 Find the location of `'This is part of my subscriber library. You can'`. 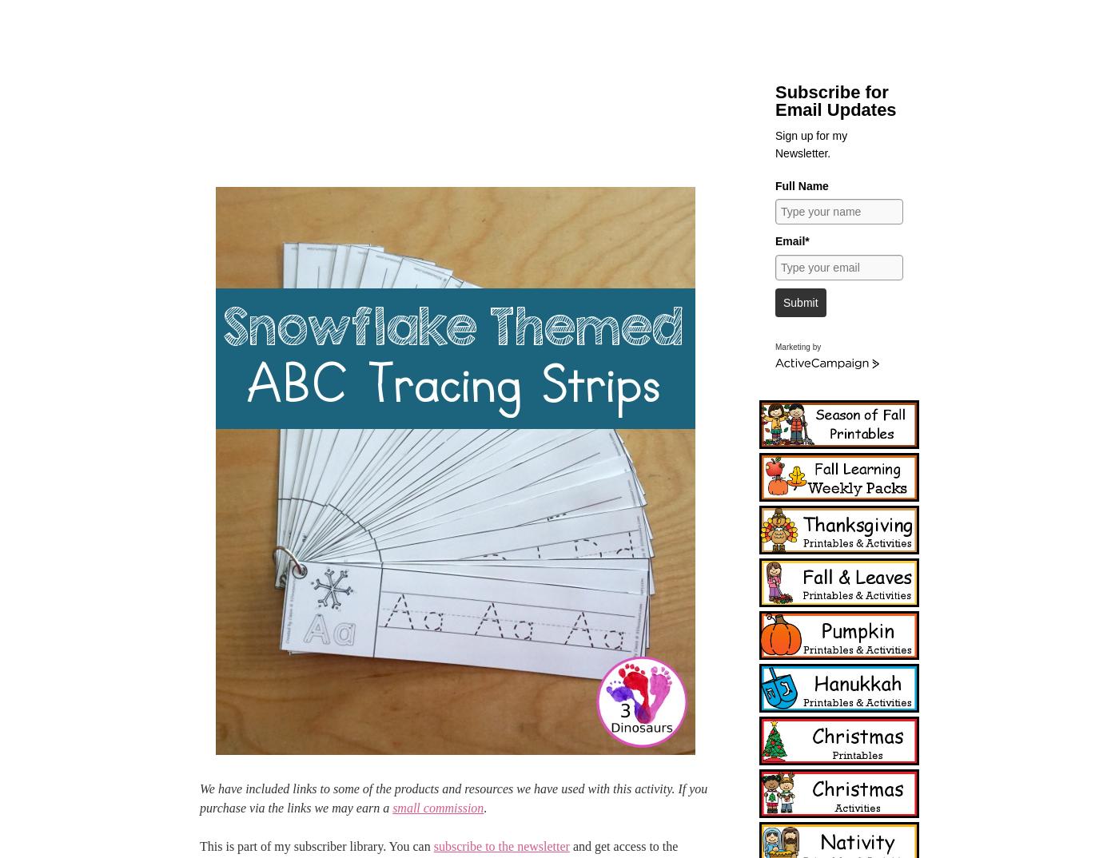

'This is part of my subscriber library. You can' is located at coordinates (317, 846).